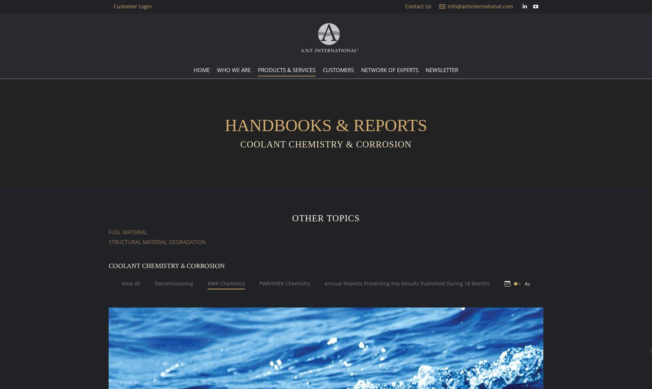  I want to click on 'info@antinternational.com', so click(447, 6).